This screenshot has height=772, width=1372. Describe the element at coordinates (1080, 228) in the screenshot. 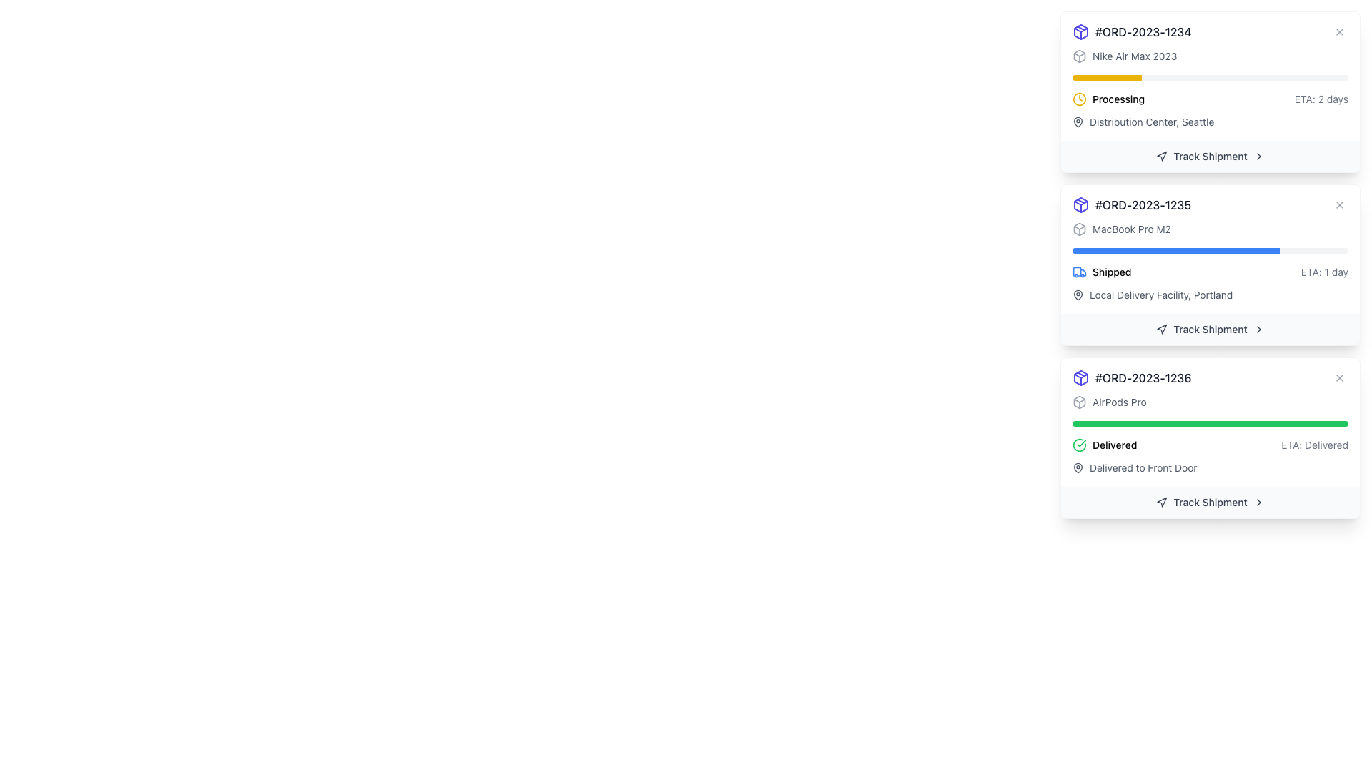

I see `graphical icon element, which is a wireframe hexagonal box located at the top left corner of the card labeled '#ORD-2023-1235'` at that location.